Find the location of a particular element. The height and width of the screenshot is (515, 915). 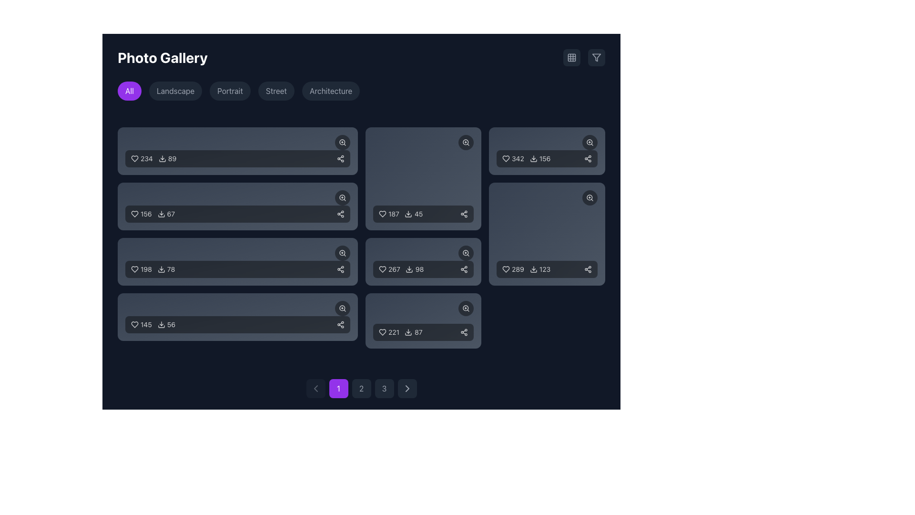

the interactive counter displaying the number '67' next to a download icon to change its color is located at coordinates (166, 213).